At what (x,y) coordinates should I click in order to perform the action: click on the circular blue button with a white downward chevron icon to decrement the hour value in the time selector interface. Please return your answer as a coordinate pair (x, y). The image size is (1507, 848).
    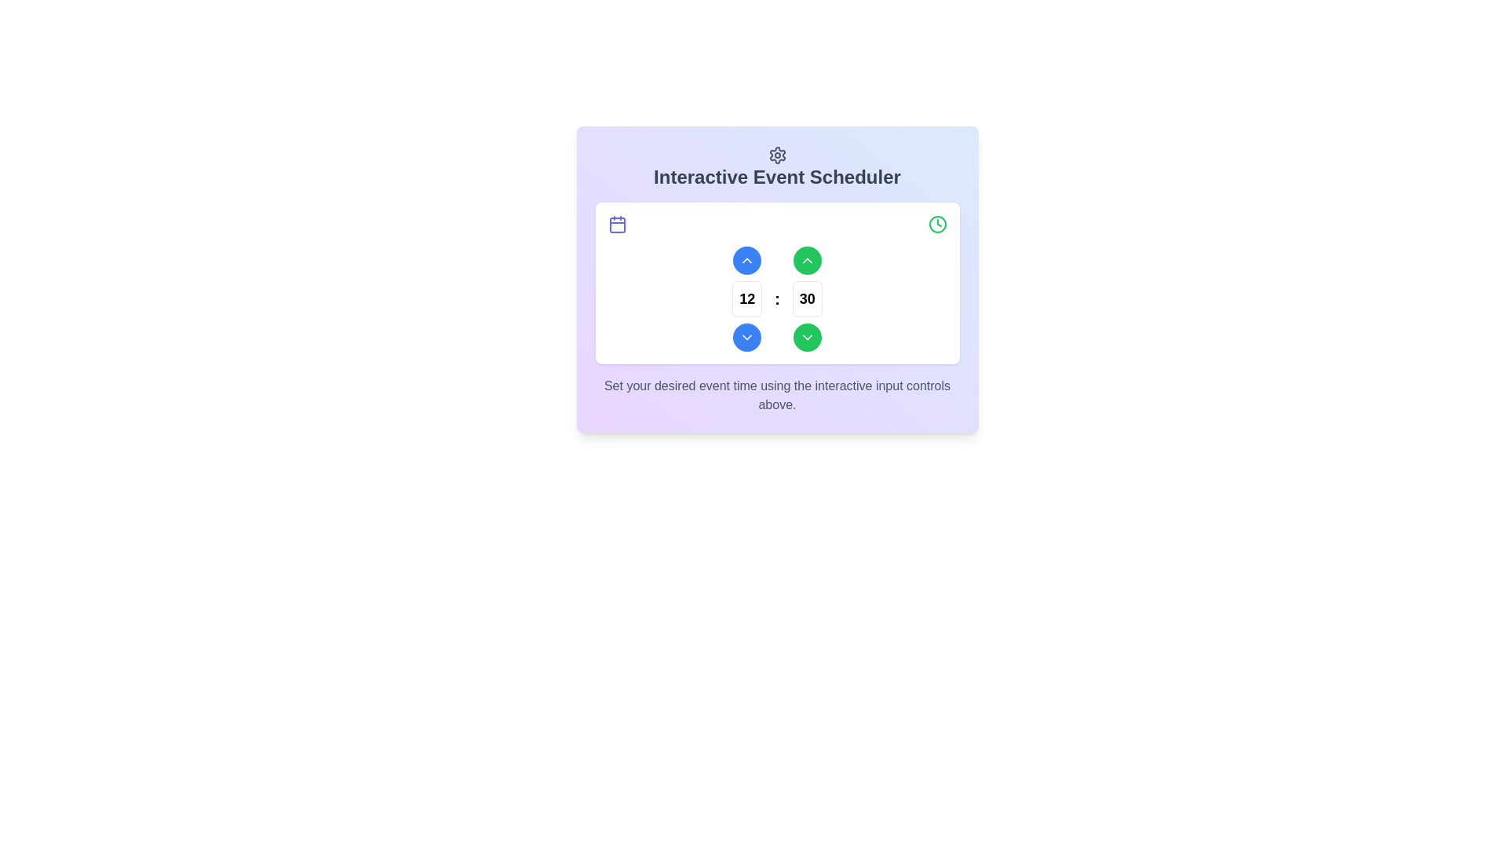
    Looking at the image, I should click on (746, 336).